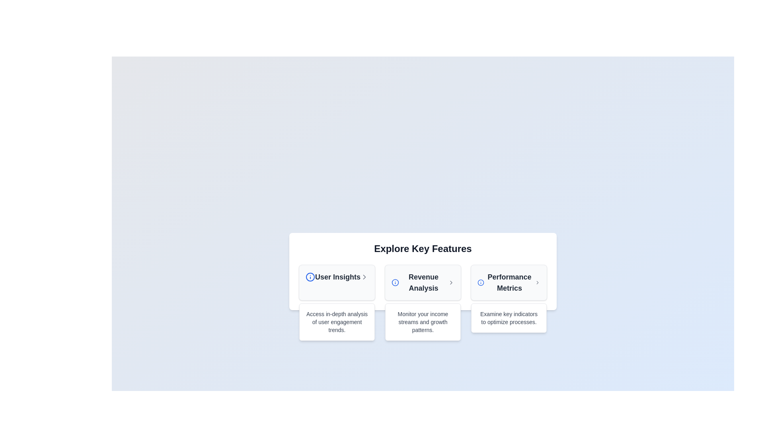 The image size is (764, 430). Describe the element at coordinates (422, 322) in the screenshot. I see `the text block that reads 'Monitor your income streams and growth patterns.' located in the 'Revenue Analysis' section, which is positioned immediately below the section's title` at that location.